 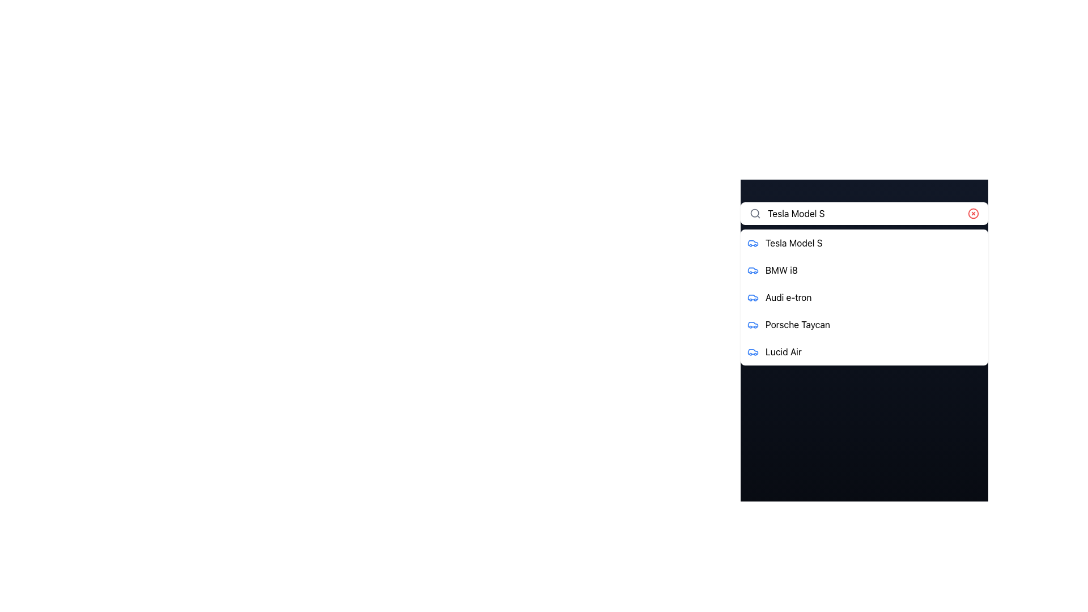 What do you see at coordinates (864, 325) in the screenshot?
I see `the fourth item in the dropdown menu list, which is positioned between 'Audi e-tron' and 'Lucid Air'` at bounding box center [864, 325].